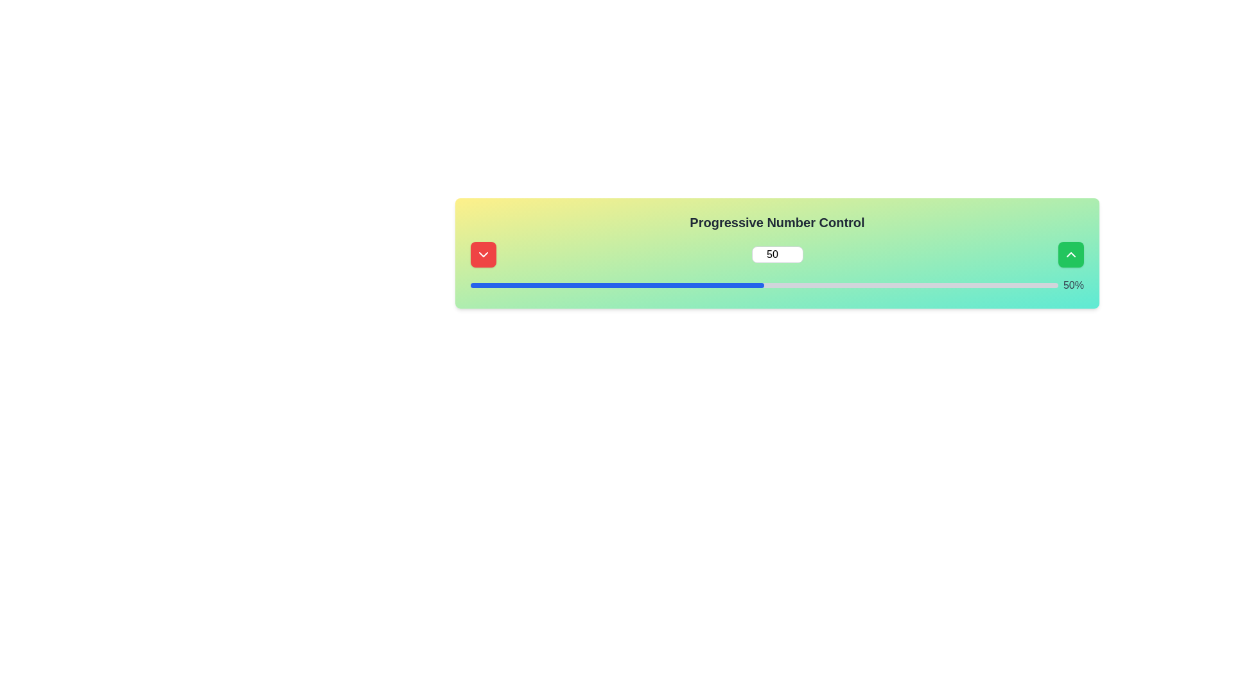 This screenshot has height=693, width=1233. I want to click on the chevron icon within the button located at the far left of the interface, so click(483, 255).